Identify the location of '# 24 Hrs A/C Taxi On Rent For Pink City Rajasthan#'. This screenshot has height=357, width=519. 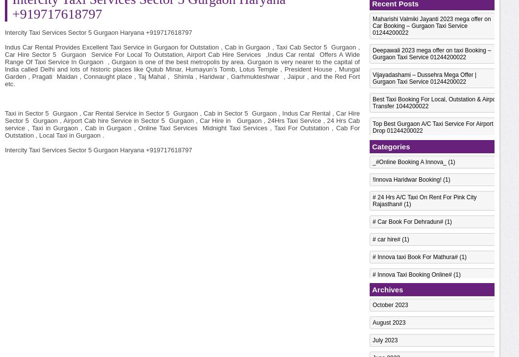
(424, 200).